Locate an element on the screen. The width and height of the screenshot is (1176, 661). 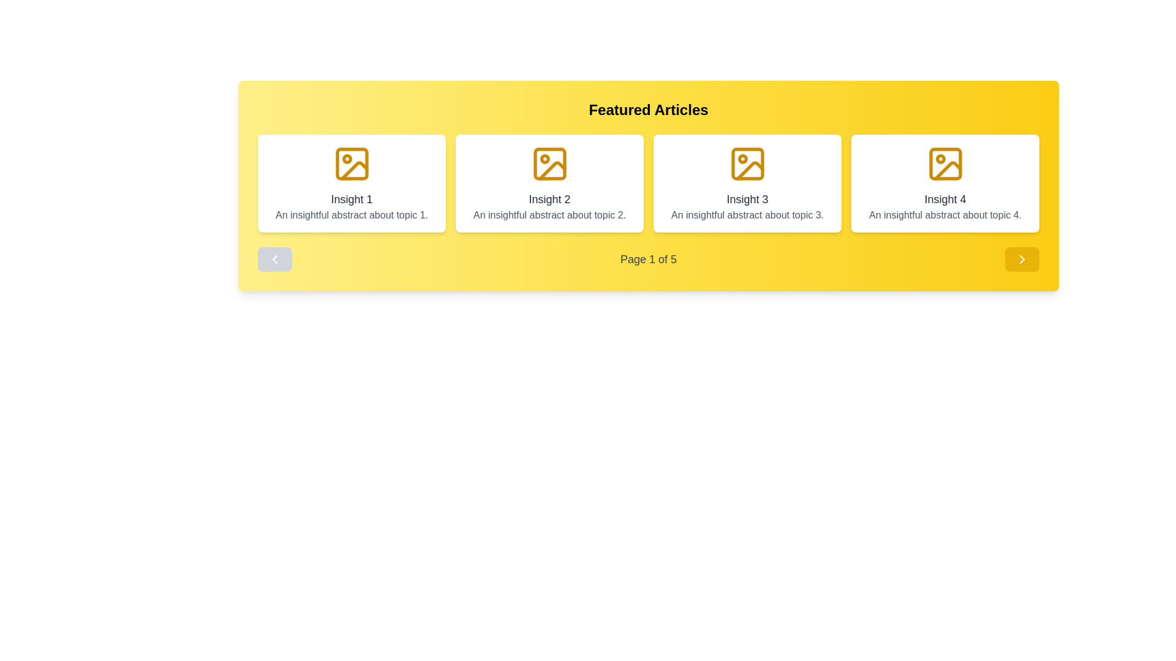
the Circle element located within the second icon of the horizontal list of four icons in the yellow-highlighted 'Featured Articles' area is located at coordinates (544, 158).